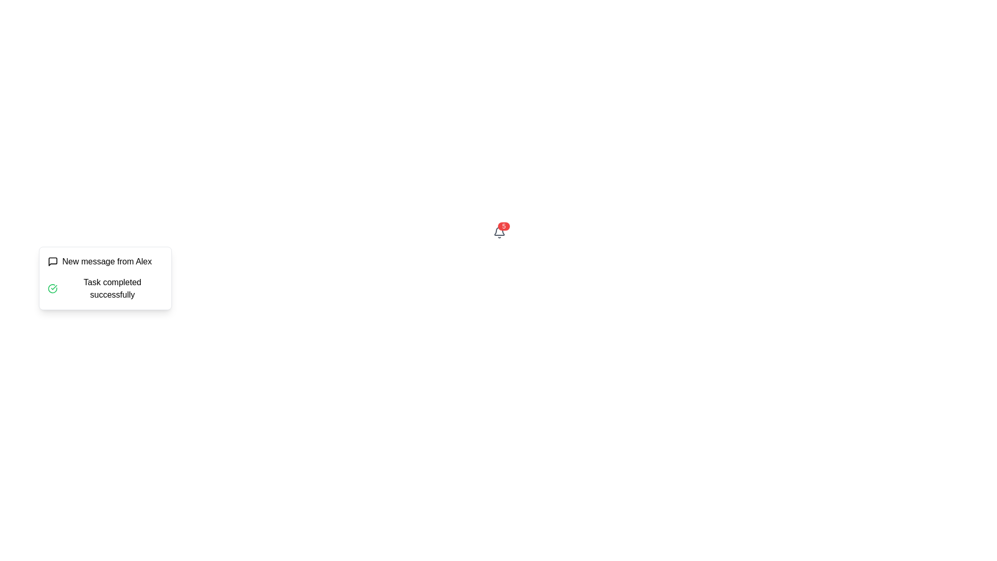 The height and width of the screenshot is (561, 997). Describe the element at coordinates (107, 261) in the screenshot. I see `text label displaying 'New message from Alex', which is horizontally aligned with an icon to its left` at that location.